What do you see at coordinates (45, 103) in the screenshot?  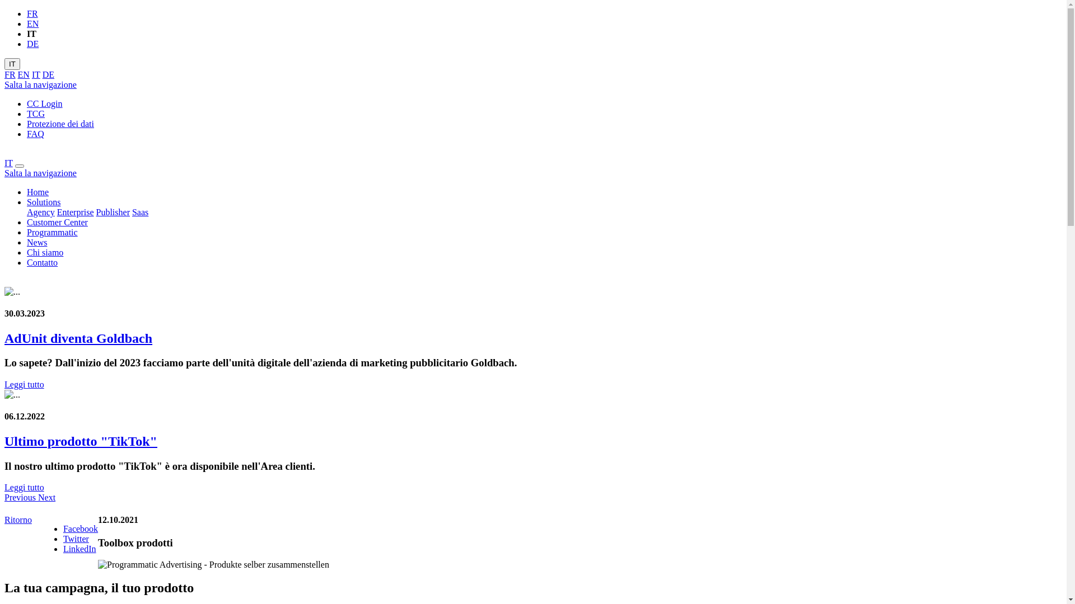 I see `'CC Login'` at bounding box center [45, 103].